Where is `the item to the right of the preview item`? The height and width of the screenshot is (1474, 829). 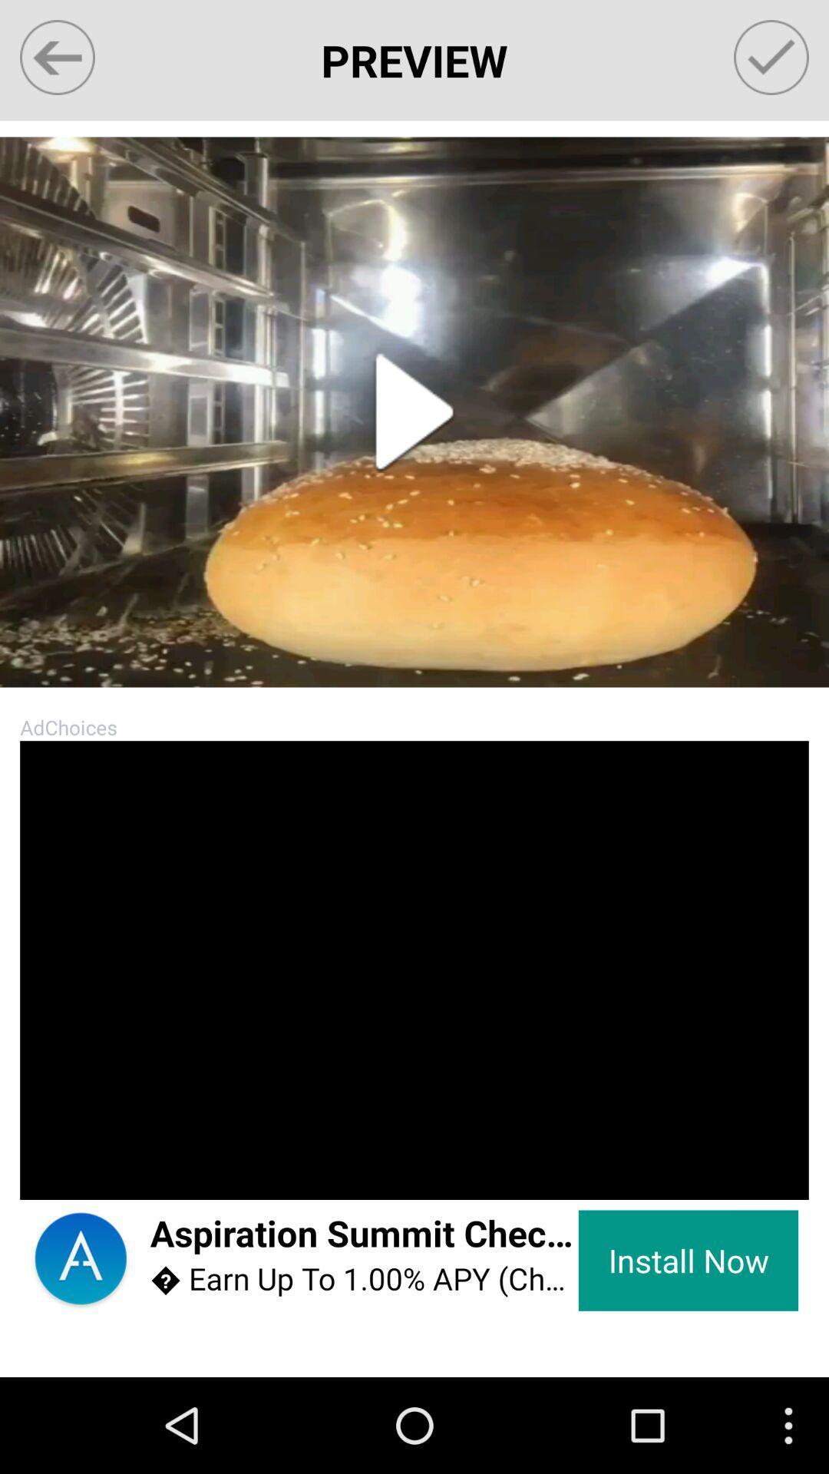
the item to the right of the preview item is located at coordinates (771, 58).